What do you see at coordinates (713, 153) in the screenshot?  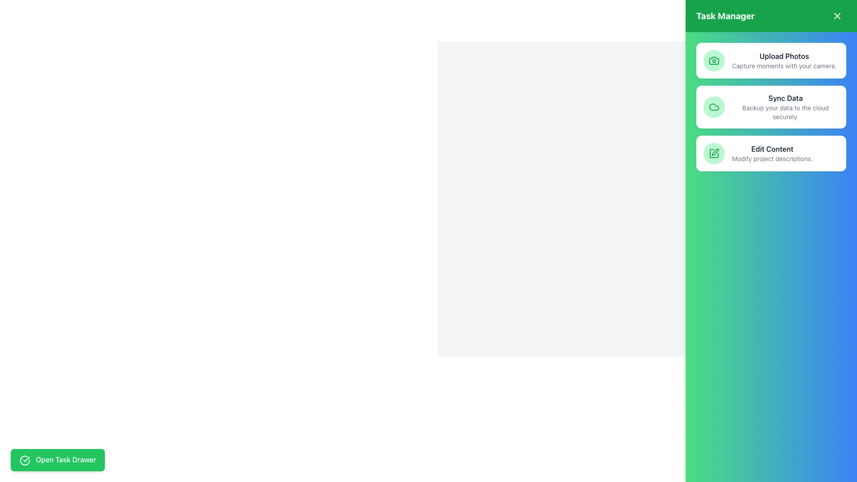 I see `the pen icon that is third in the list of action items within the Task Manager interface to initiate the edit action` at bounding box center [713, 153].